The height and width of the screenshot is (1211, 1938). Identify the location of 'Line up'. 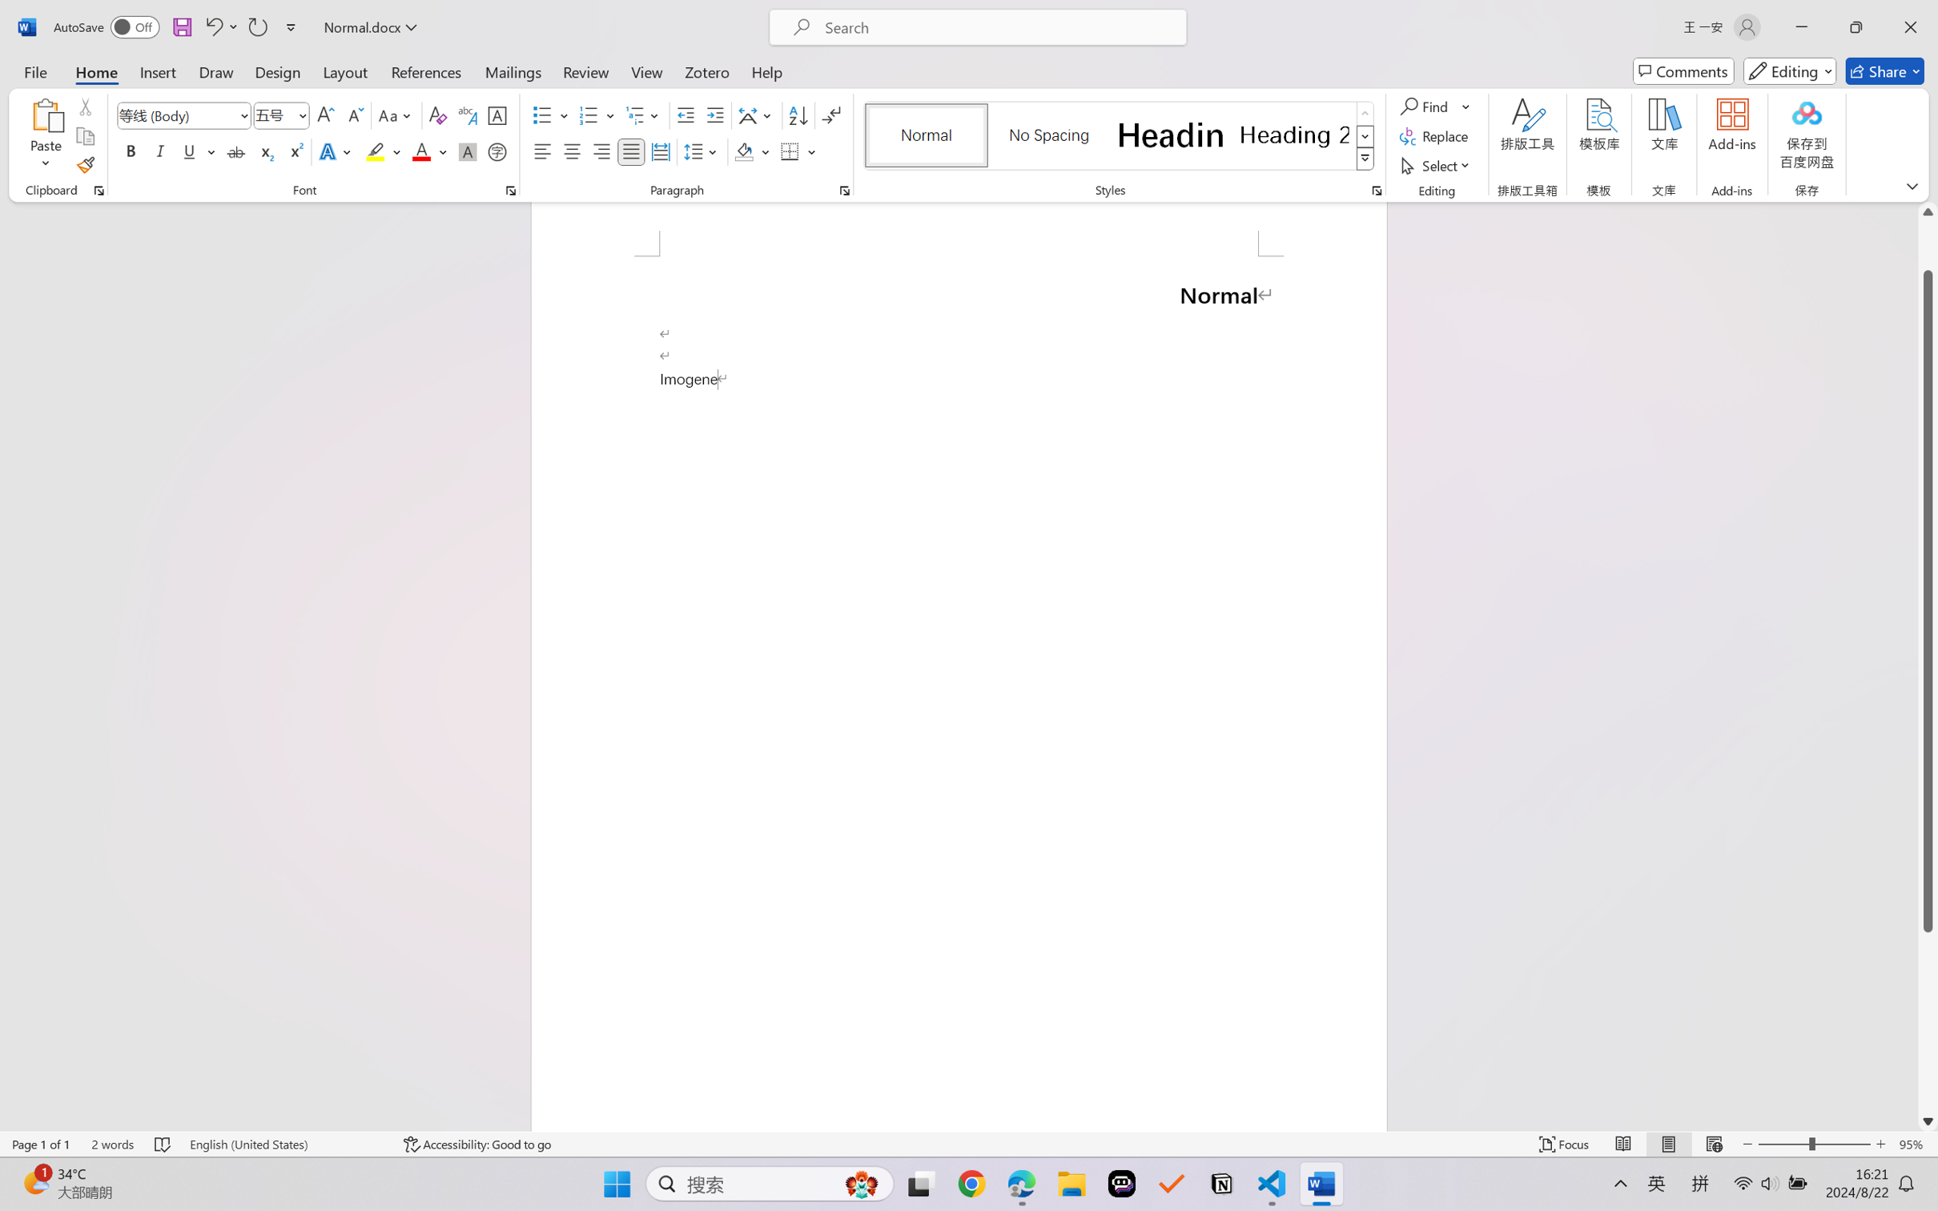
(1928, 211).